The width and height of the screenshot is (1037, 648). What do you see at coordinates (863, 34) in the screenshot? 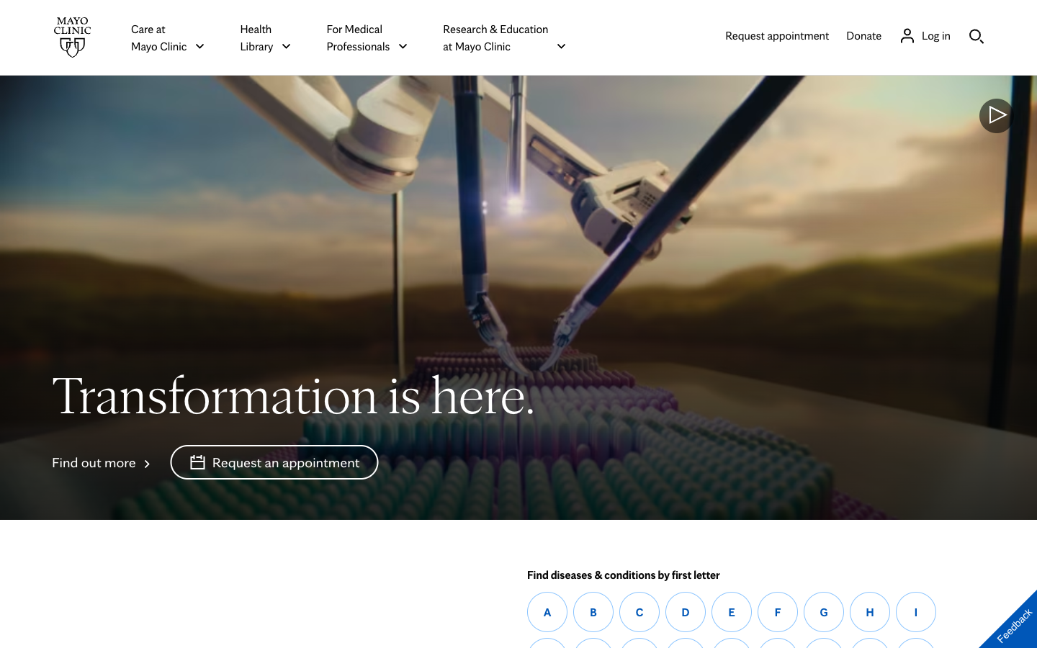
I see `Support Mayo Clinic through donation` at bounding box center [863, 34].